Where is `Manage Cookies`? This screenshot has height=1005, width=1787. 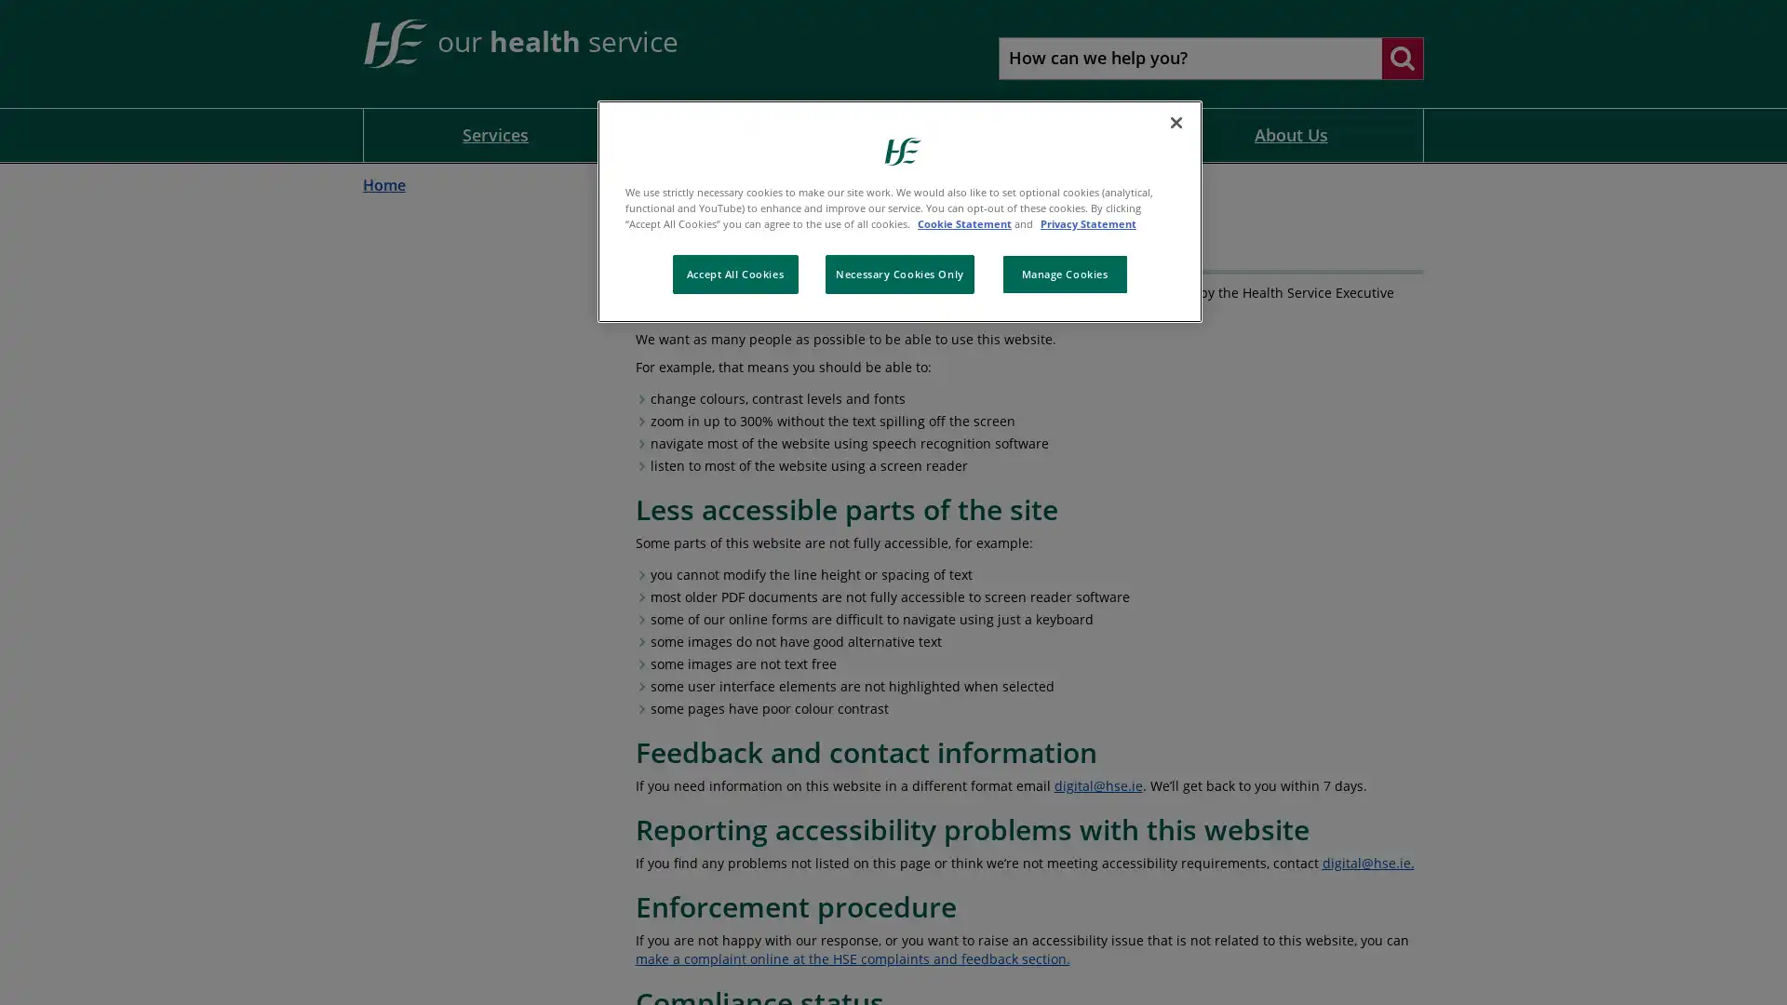
Manage Cookies is located at coordinates (1064, 274).